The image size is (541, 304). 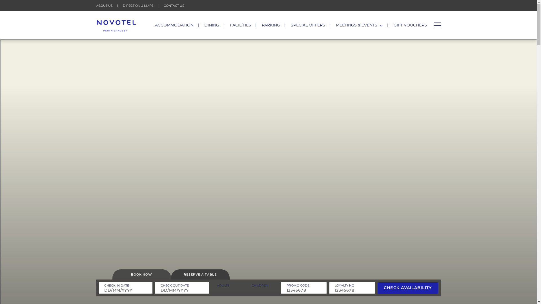 I want to click on 'ABOUT US', so click(x=96, y=5).